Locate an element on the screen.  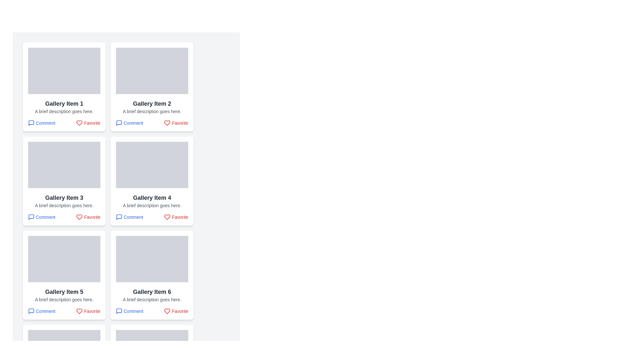
the heart-shaped icon button representing the 'Favorite' or 'Like' functionality located next to the 'Favorite' text in the bottom section of the 'Gallery Item 1' card is located at coordinates (79, 123).